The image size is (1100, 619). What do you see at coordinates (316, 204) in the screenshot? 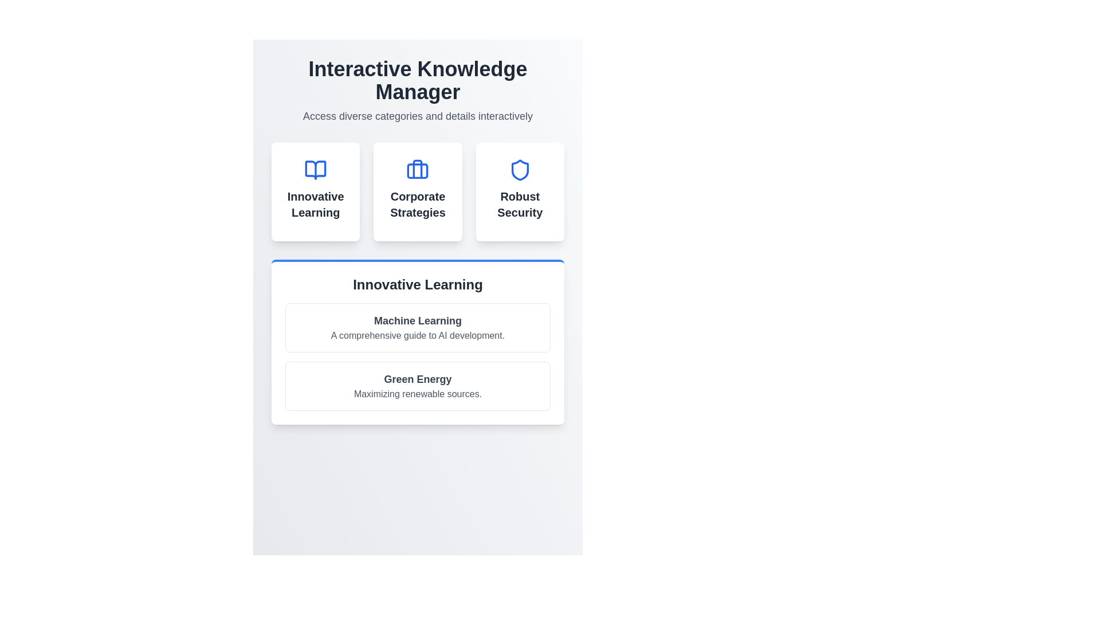
I see `the Header or Title text element that serves as a descriptive title for the respective card, located in the first column of a three-element grid layout` at bounding box center [316, 204].